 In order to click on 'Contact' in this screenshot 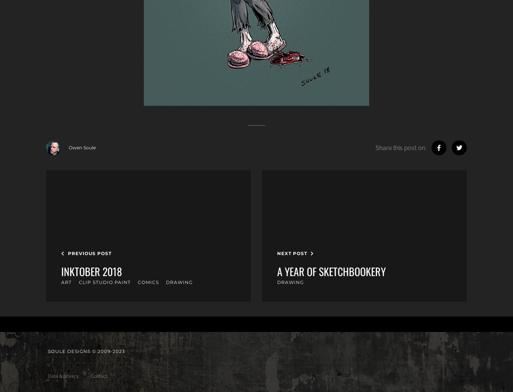, I will do `click(99, 376)`.